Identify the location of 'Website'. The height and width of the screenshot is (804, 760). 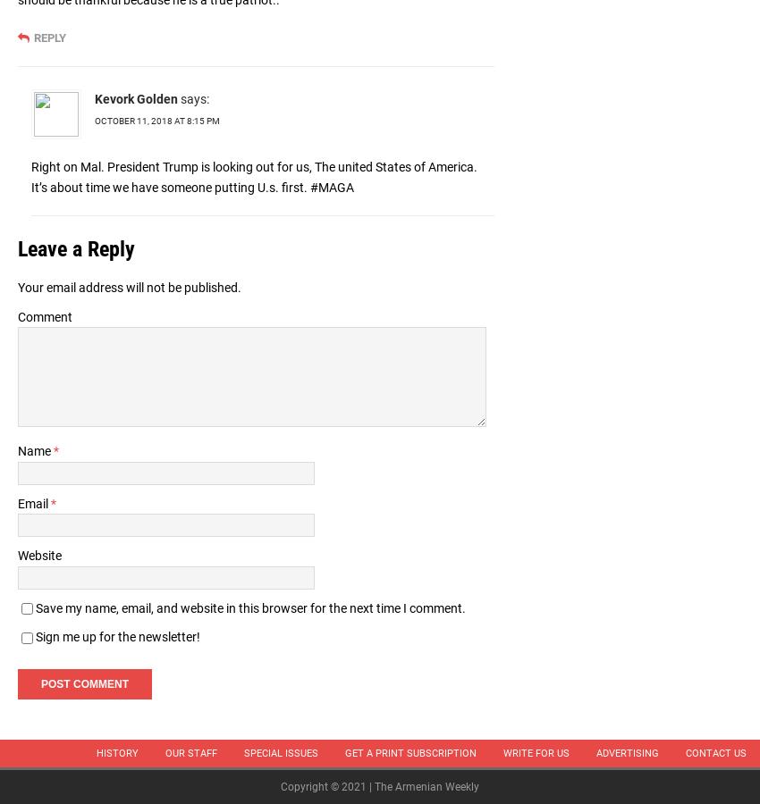
(16, 555).